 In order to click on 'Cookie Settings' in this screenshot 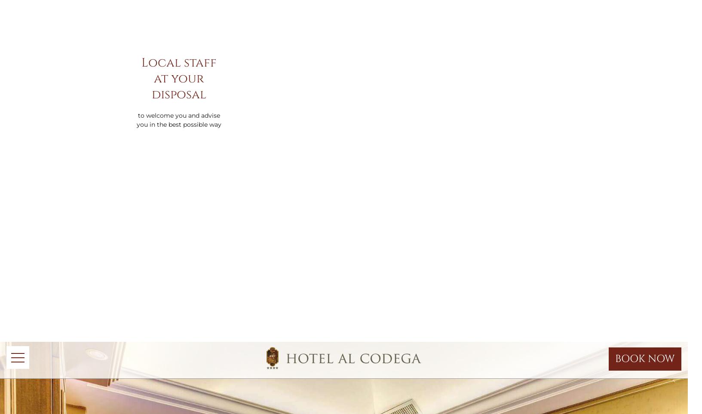, I will do `click(420, 65)`.